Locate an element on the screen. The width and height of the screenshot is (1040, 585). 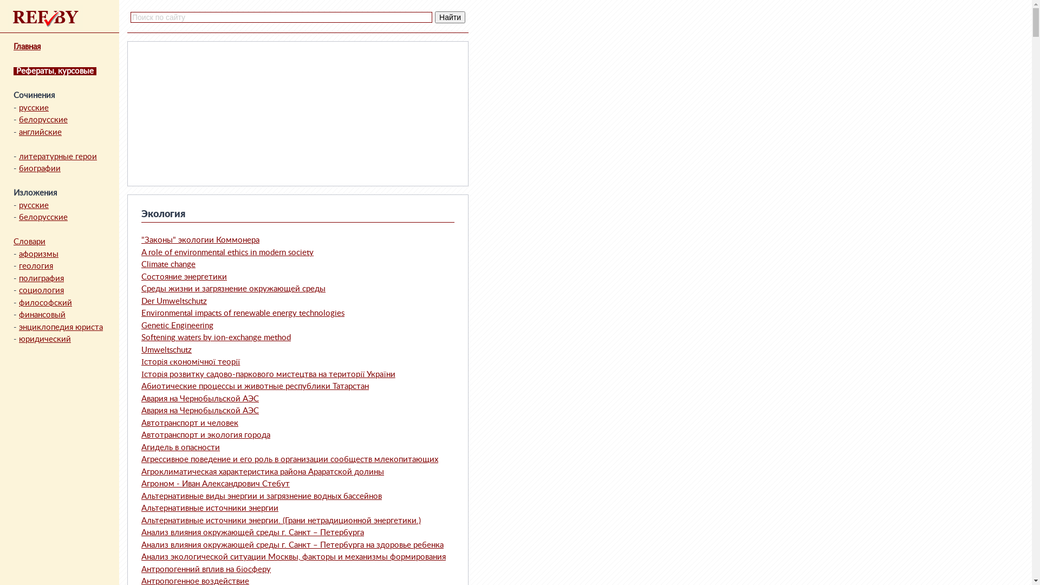
'A role of environmental ethics in modern society' is located at coordinates (227, 252).